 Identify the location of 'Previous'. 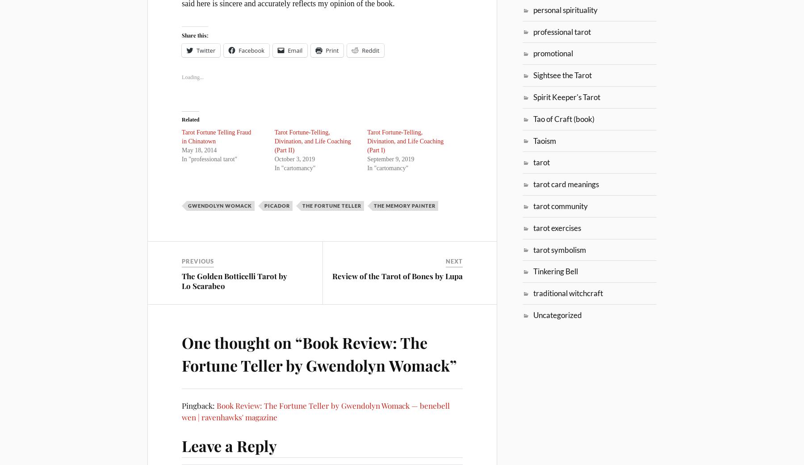
(197, 261).